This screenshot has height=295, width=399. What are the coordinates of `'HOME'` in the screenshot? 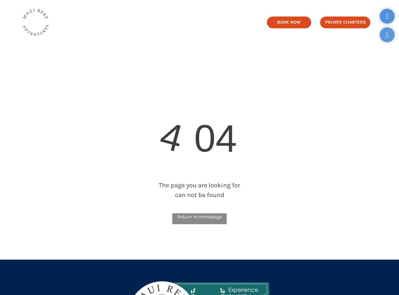 It's located at (93, 21).